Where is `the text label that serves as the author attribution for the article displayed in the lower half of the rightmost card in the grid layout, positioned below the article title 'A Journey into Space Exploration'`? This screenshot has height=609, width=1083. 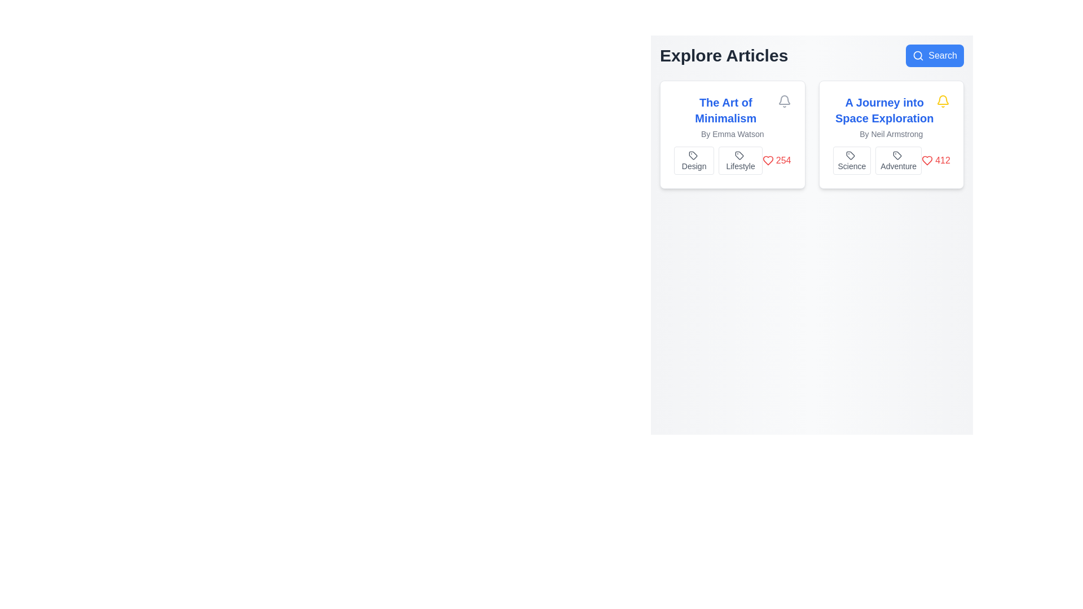
the text label that serves as the author attribution for the article displayed in the lower half of the rightmost card in the grid layout, positioned below the article title 'A Journey into Space Exploration' is located at coordinates (891, 134).